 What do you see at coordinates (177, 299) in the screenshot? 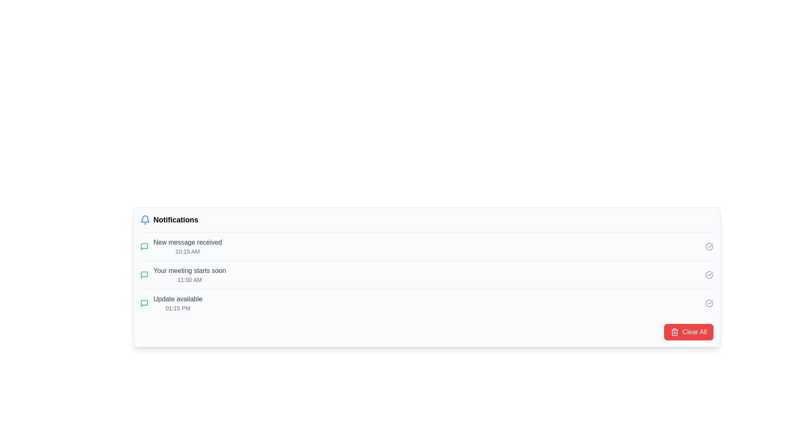
I see `the text label in the third row of the notification list, which indicates the message content of the respective update, placed above the timestamp '01:15 PM' and next to the green icon` at bounding box center [177, 299].